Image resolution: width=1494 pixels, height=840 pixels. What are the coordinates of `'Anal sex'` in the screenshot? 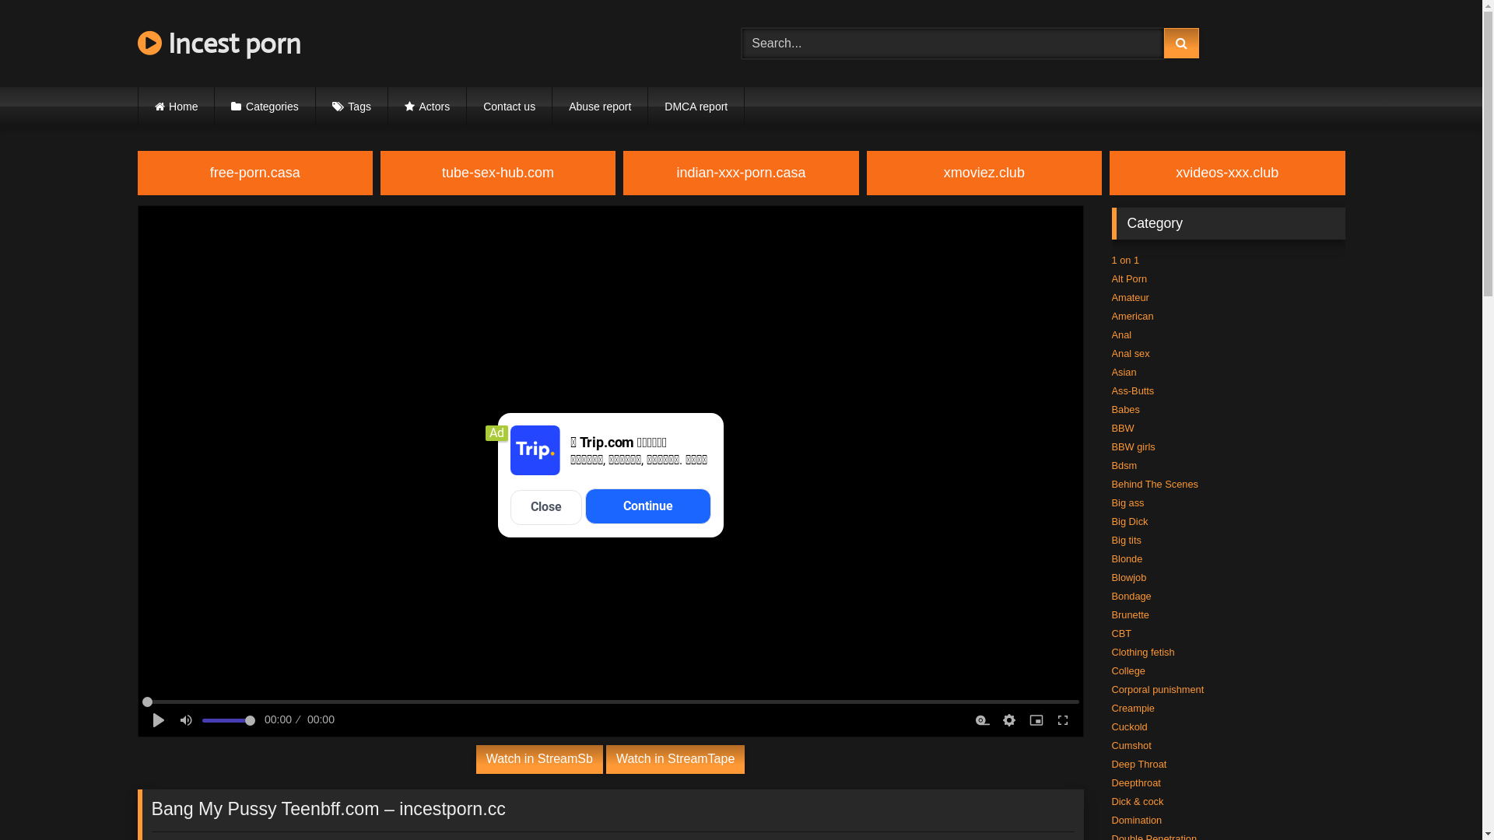 It's located at (1130, 353).